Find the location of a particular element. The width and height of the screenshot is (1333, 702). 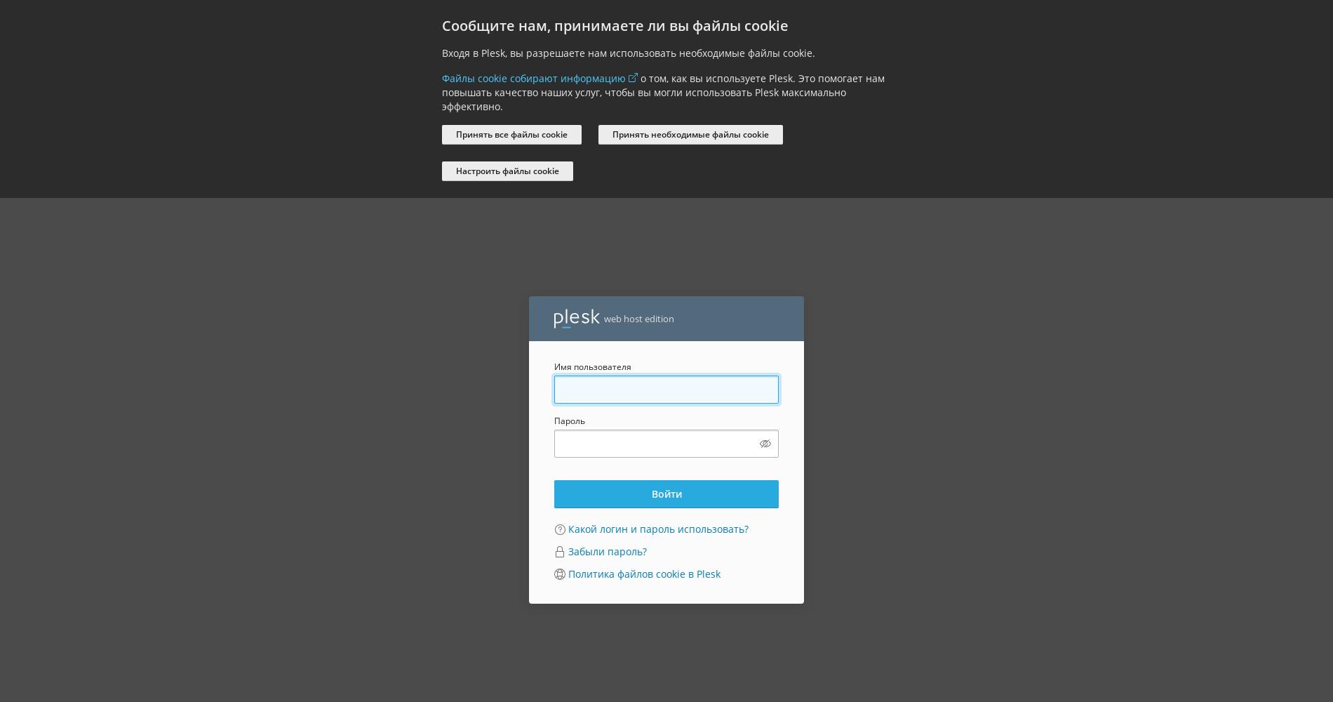

'Забыли пароль?' is located at coordinates (607, 551).